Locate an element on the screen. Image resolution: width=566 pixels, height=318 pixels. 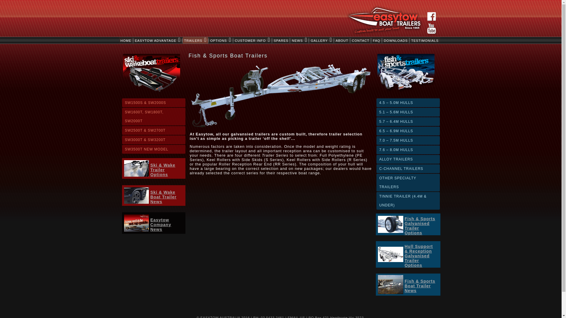
'OTHER SPECIALTY TRAILERS' is located at coordinates (407, 182).